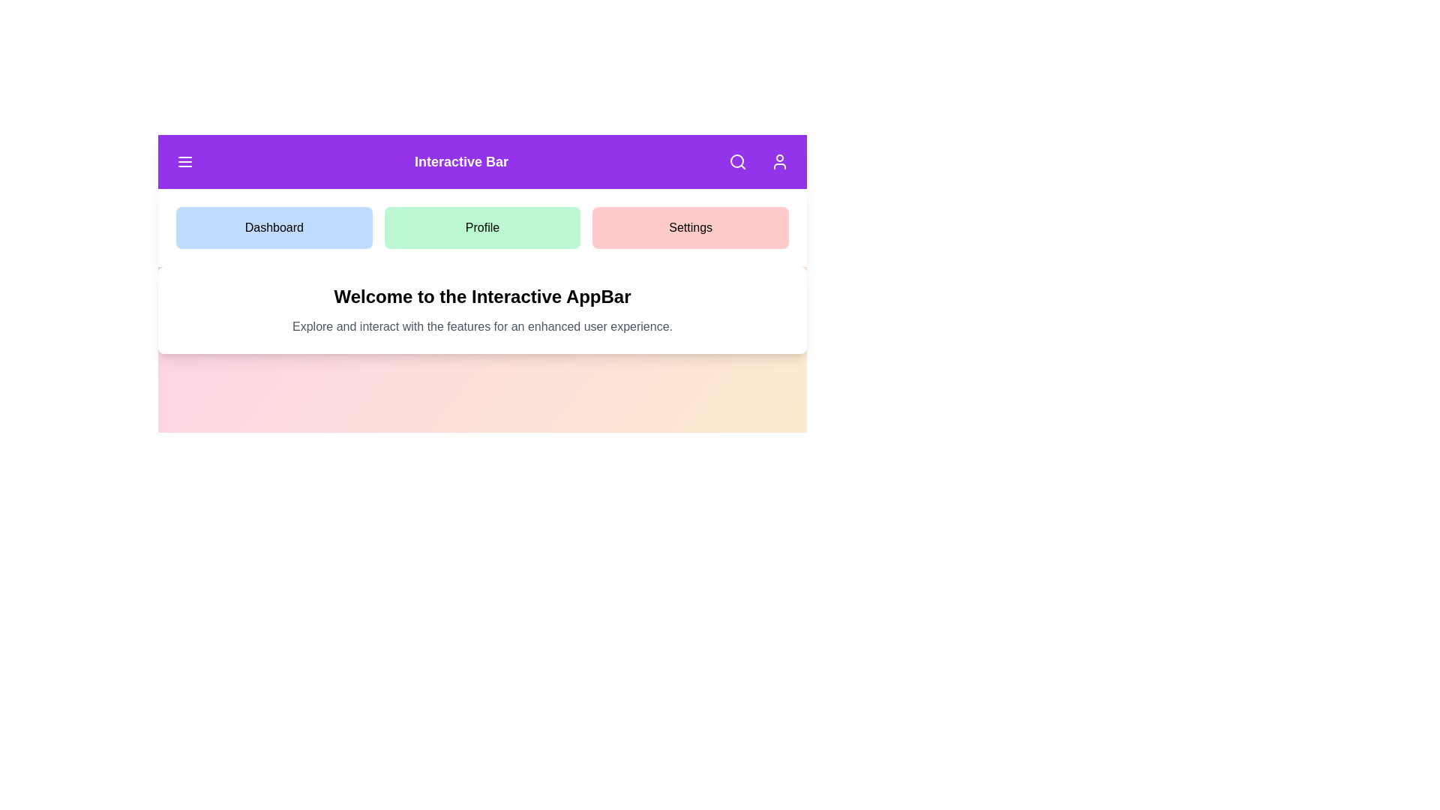 This screenshot has width=1440, height=810. What do you see at coordinates (482, 228) in the screenshot?
I see `the button labeled Profile to observe its hover effect` at bounding box center [482, 228].